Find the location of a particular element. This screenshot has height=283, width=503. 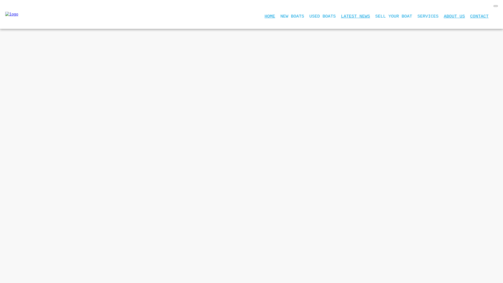

'HOME' is located at coordinates (270, 16).